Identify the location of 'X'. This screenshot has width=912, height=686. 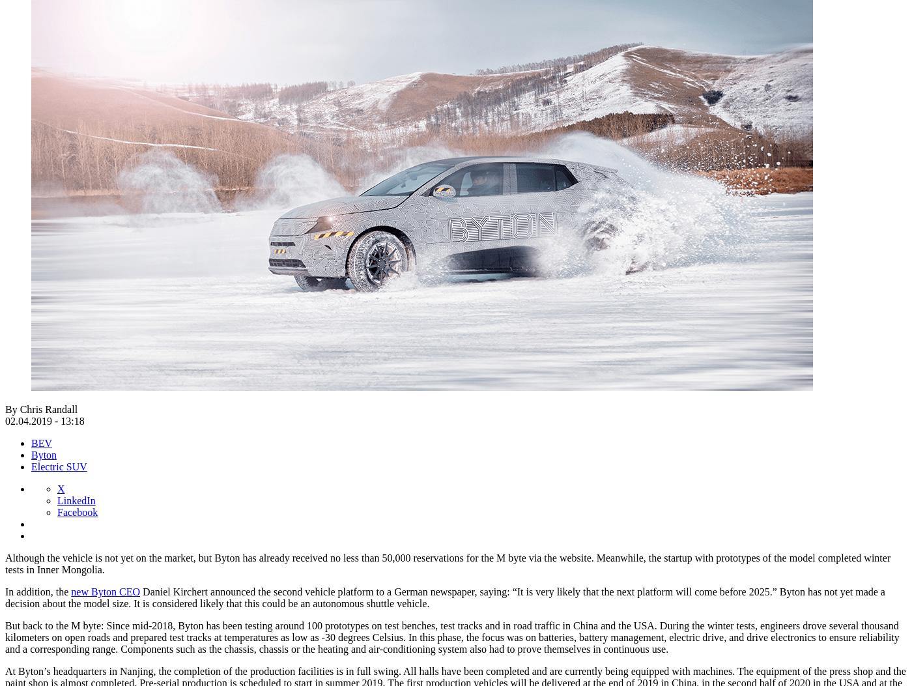
(57, 487).